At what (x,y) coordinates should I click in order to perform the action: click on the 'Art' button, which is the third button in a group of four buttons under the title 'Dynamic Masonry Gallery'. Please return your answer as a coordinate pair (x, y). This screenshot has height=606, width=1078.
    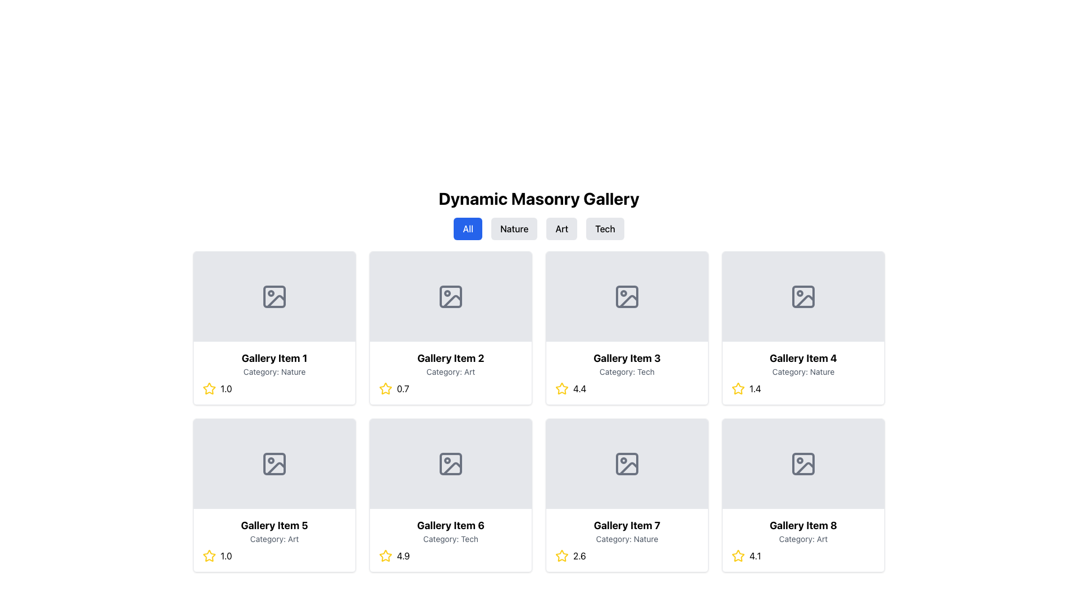
    Looking at the image, I should click on (561, 228).